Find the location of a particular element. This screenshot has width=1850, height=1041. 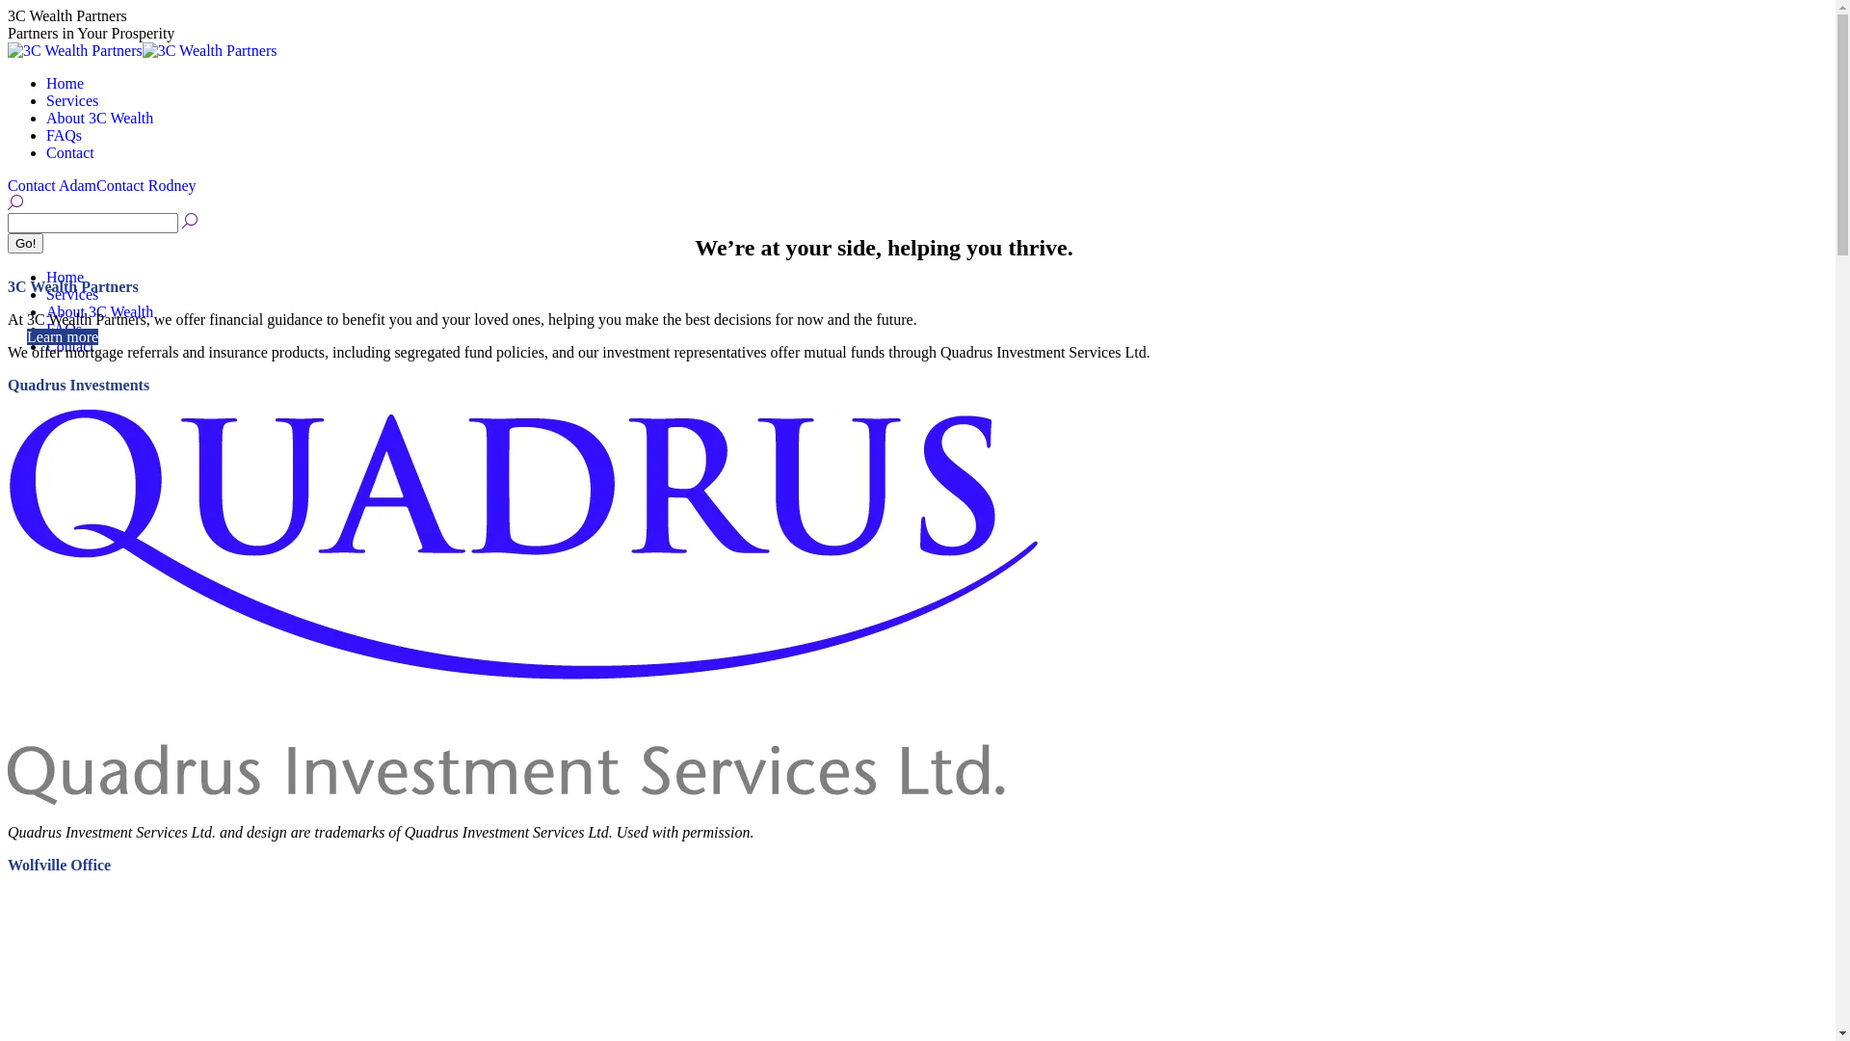

'About 3C Wealth' is located at coordinates (98, 310).